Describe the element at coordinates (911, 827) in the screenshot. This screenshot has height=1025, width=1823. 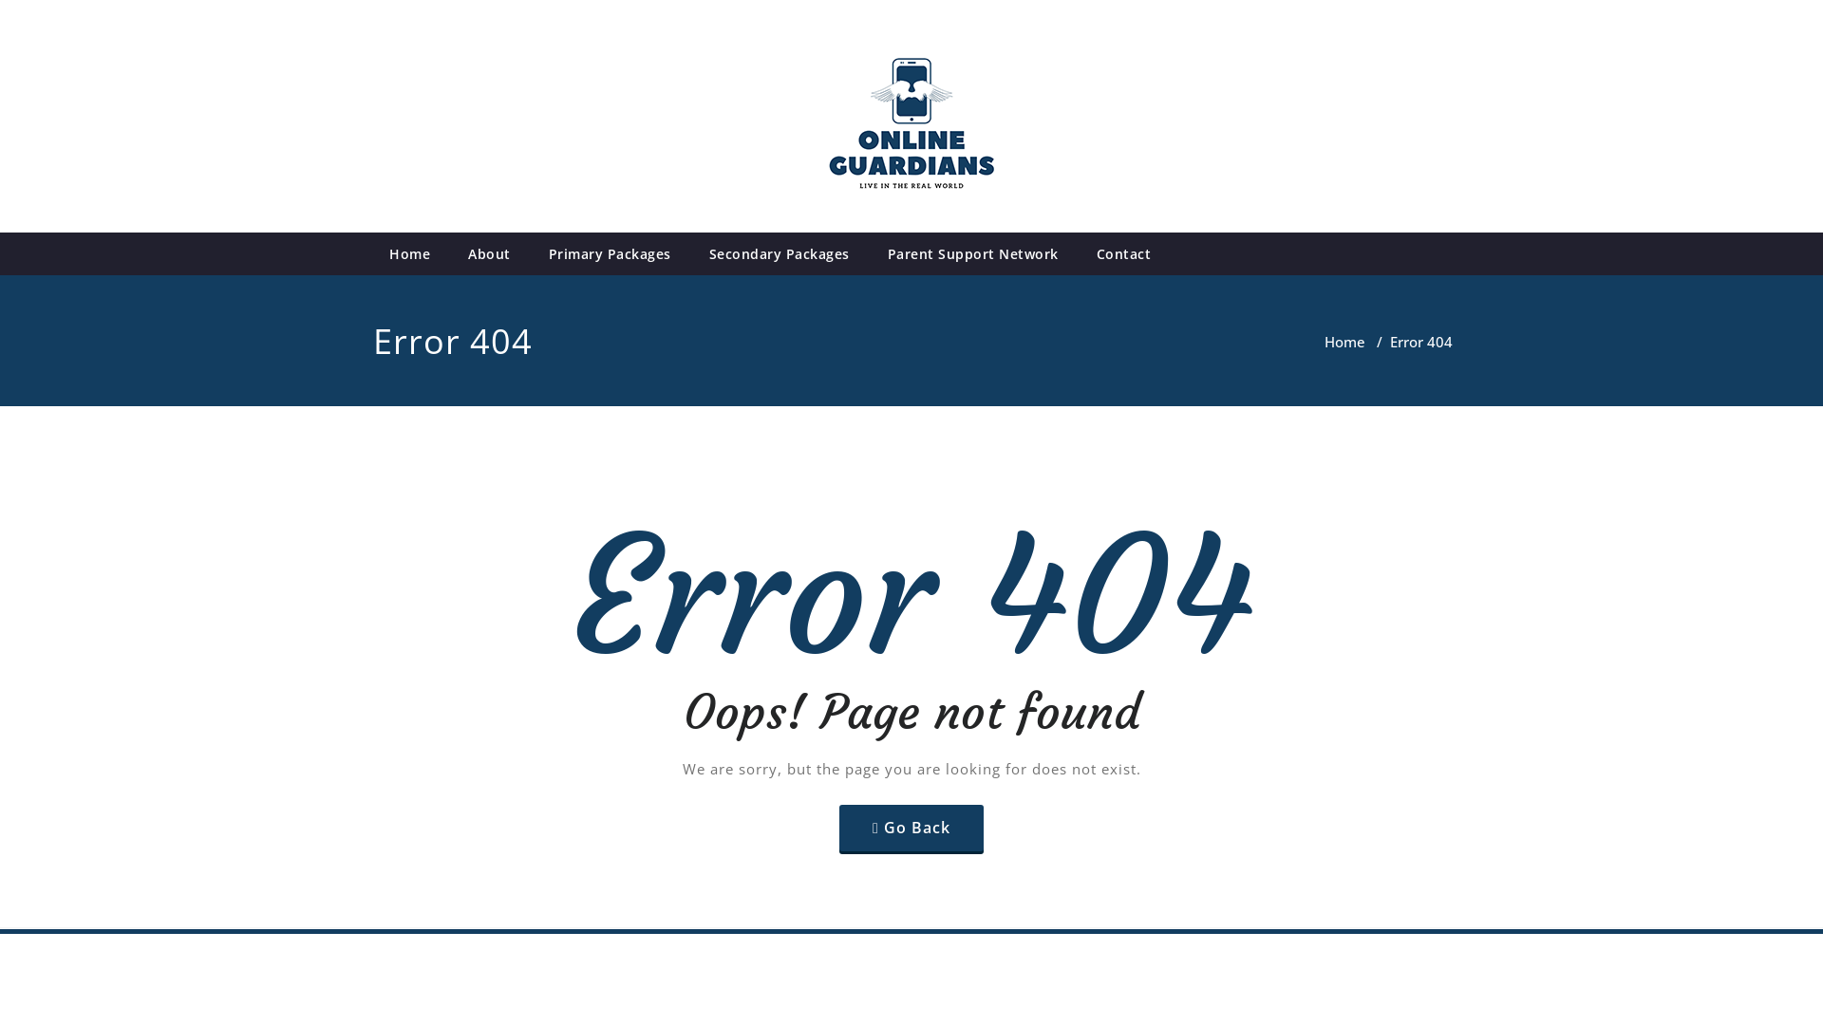
I see `'Go Back'` at that location.